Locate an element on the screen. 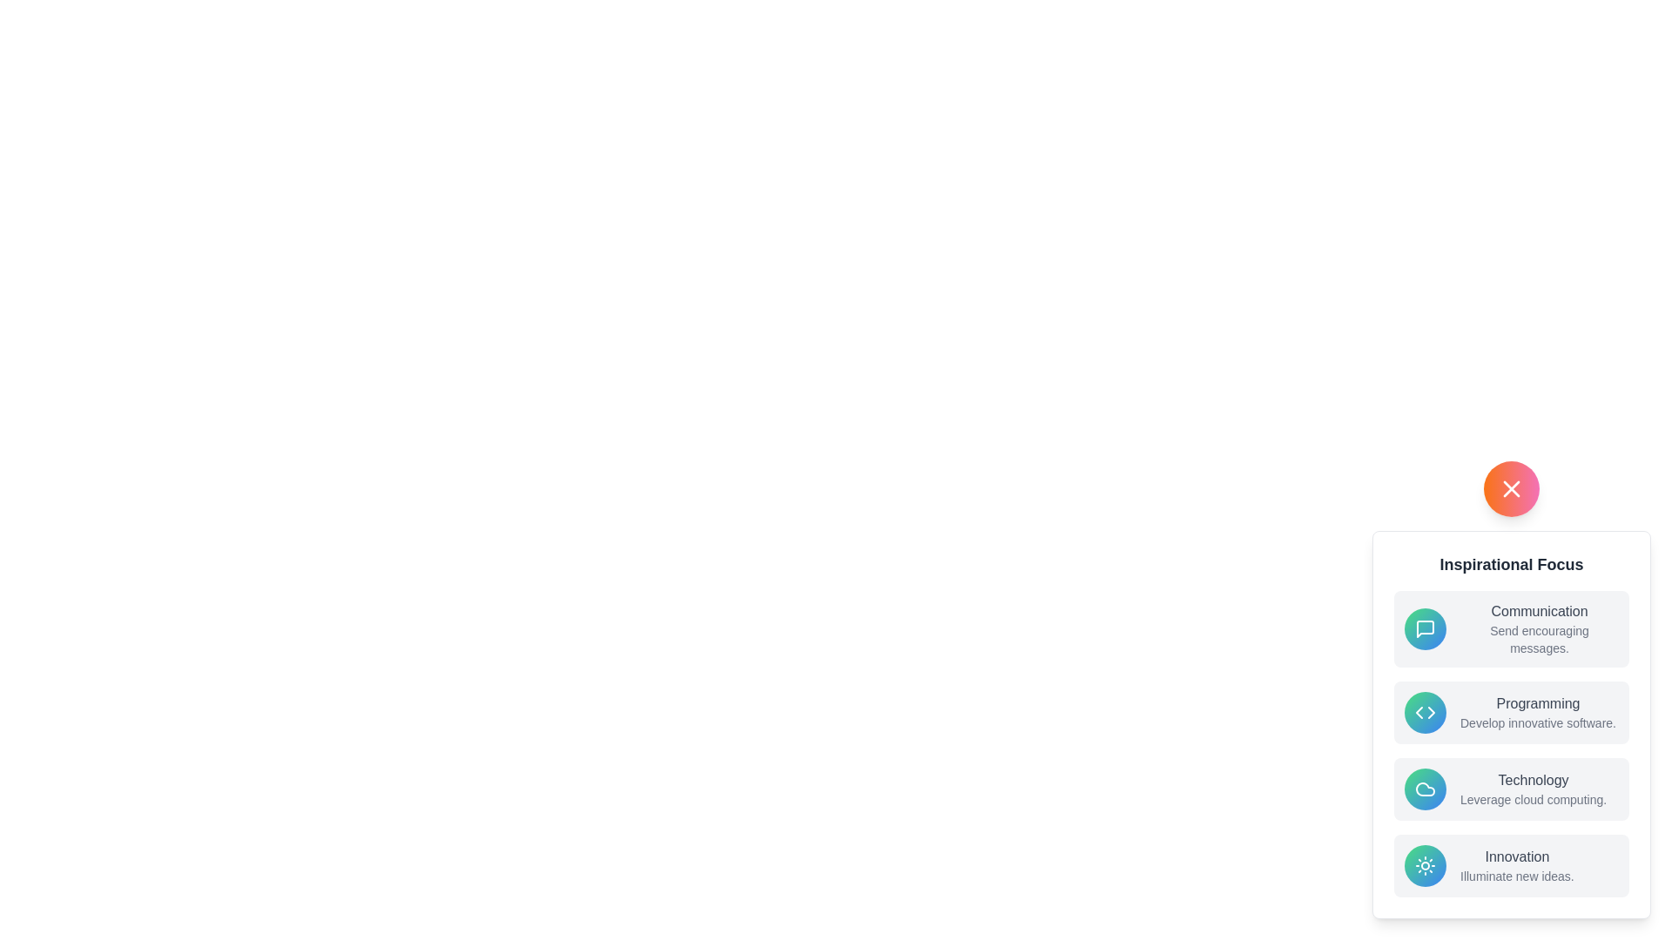  the Technology menu item is located at coordinates (1511, 789).